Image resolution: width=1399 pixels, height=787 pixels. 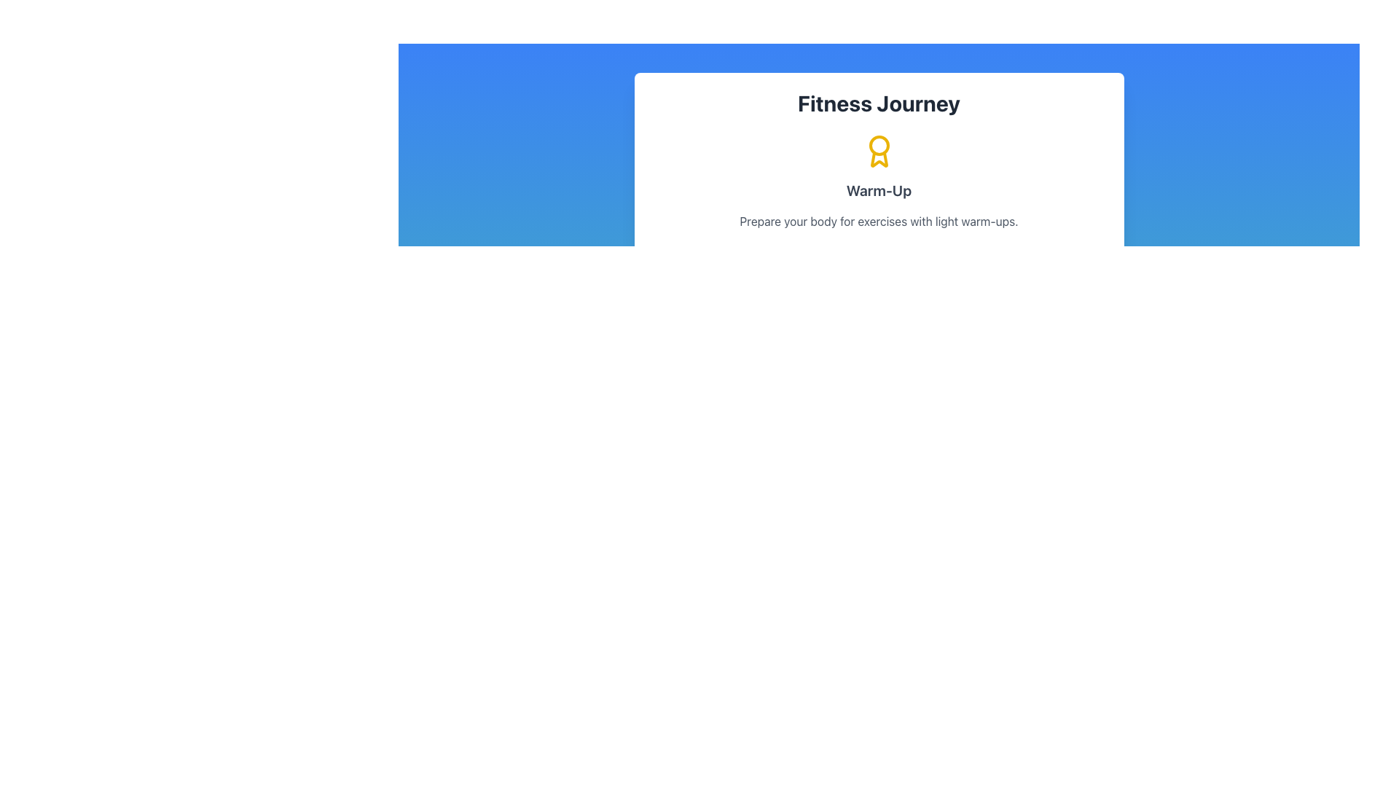 I want to click on the 'Warm-Up' text header, which is a bold and large font styled element in dark gray, positioned centrally below a yellow icon and above descriptive text, so click(x=878, y=190).